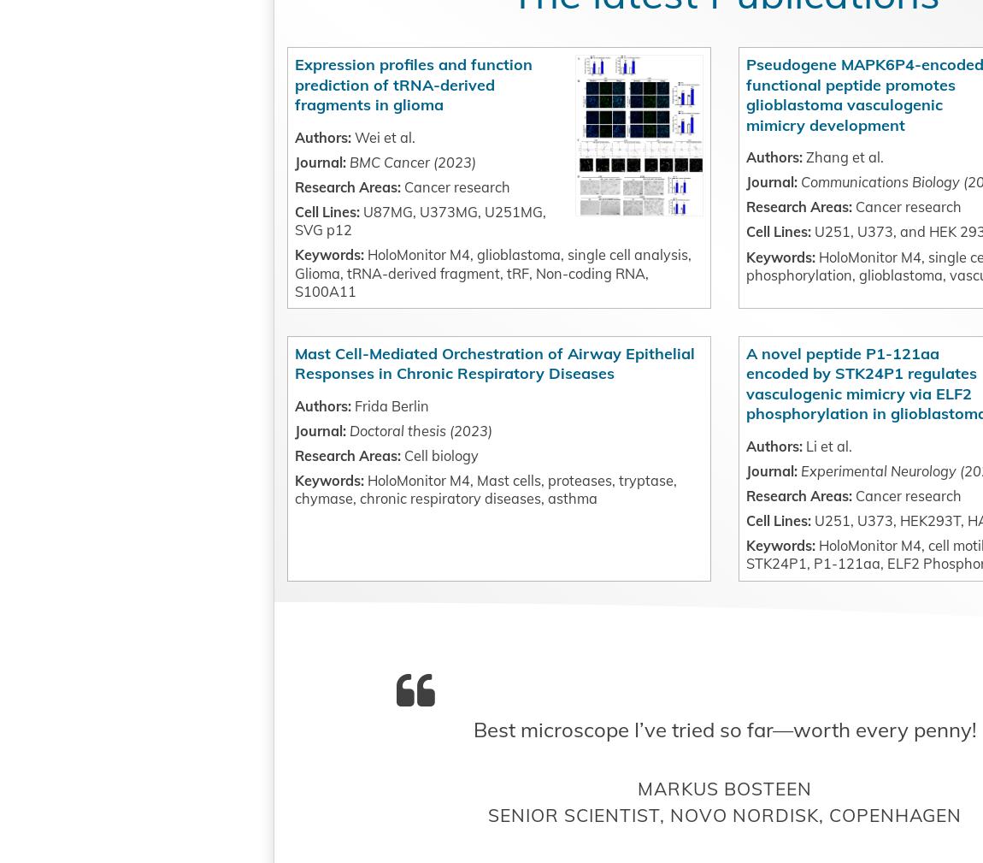  I want to click on 'U87MG, U373MG, U251MG, SVG p12', so click(479, 306).